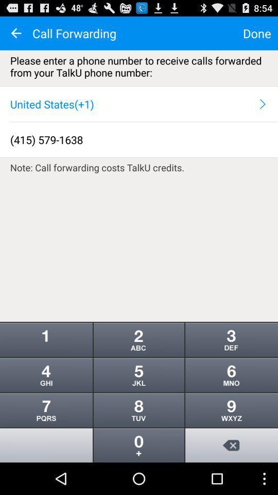 This screenshot has width=278, height=495. Describe the element at coordinates (139, 401) in the screenshot. I see `the more icon` at that location.